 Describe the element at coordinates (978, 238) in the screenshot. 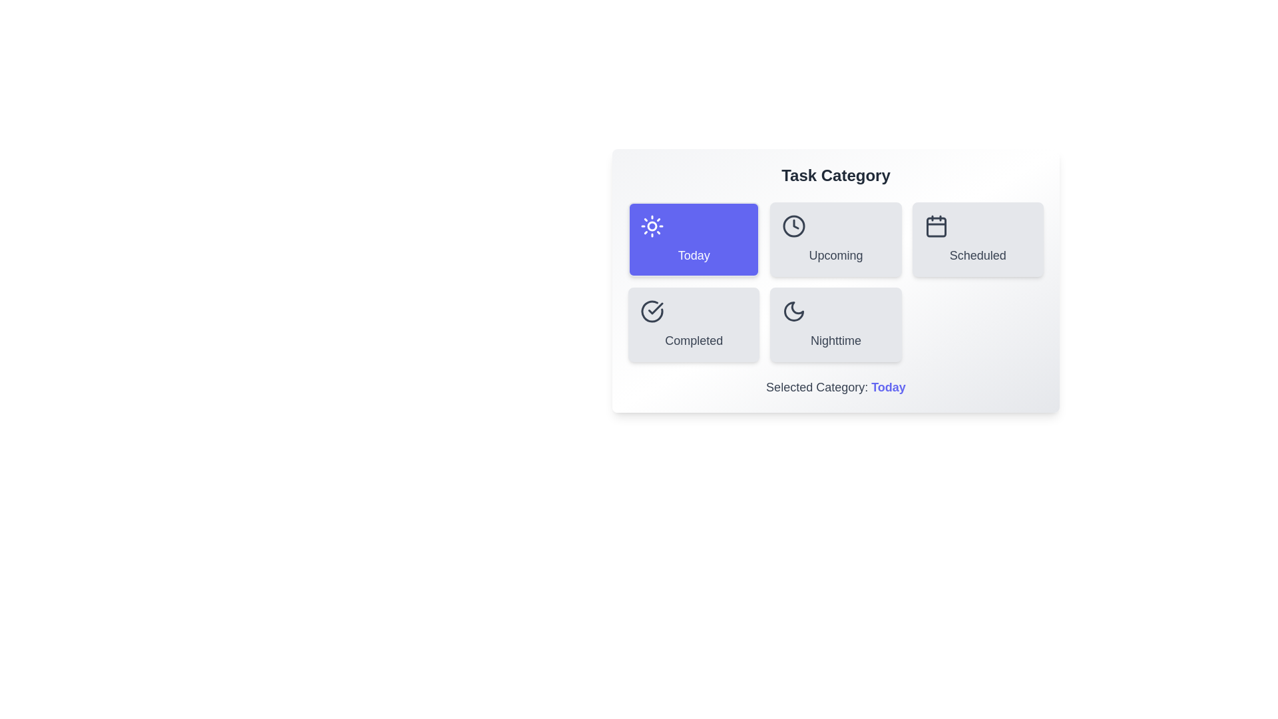

I see `the button corresponding to the category Scheduled to select it` at that location.